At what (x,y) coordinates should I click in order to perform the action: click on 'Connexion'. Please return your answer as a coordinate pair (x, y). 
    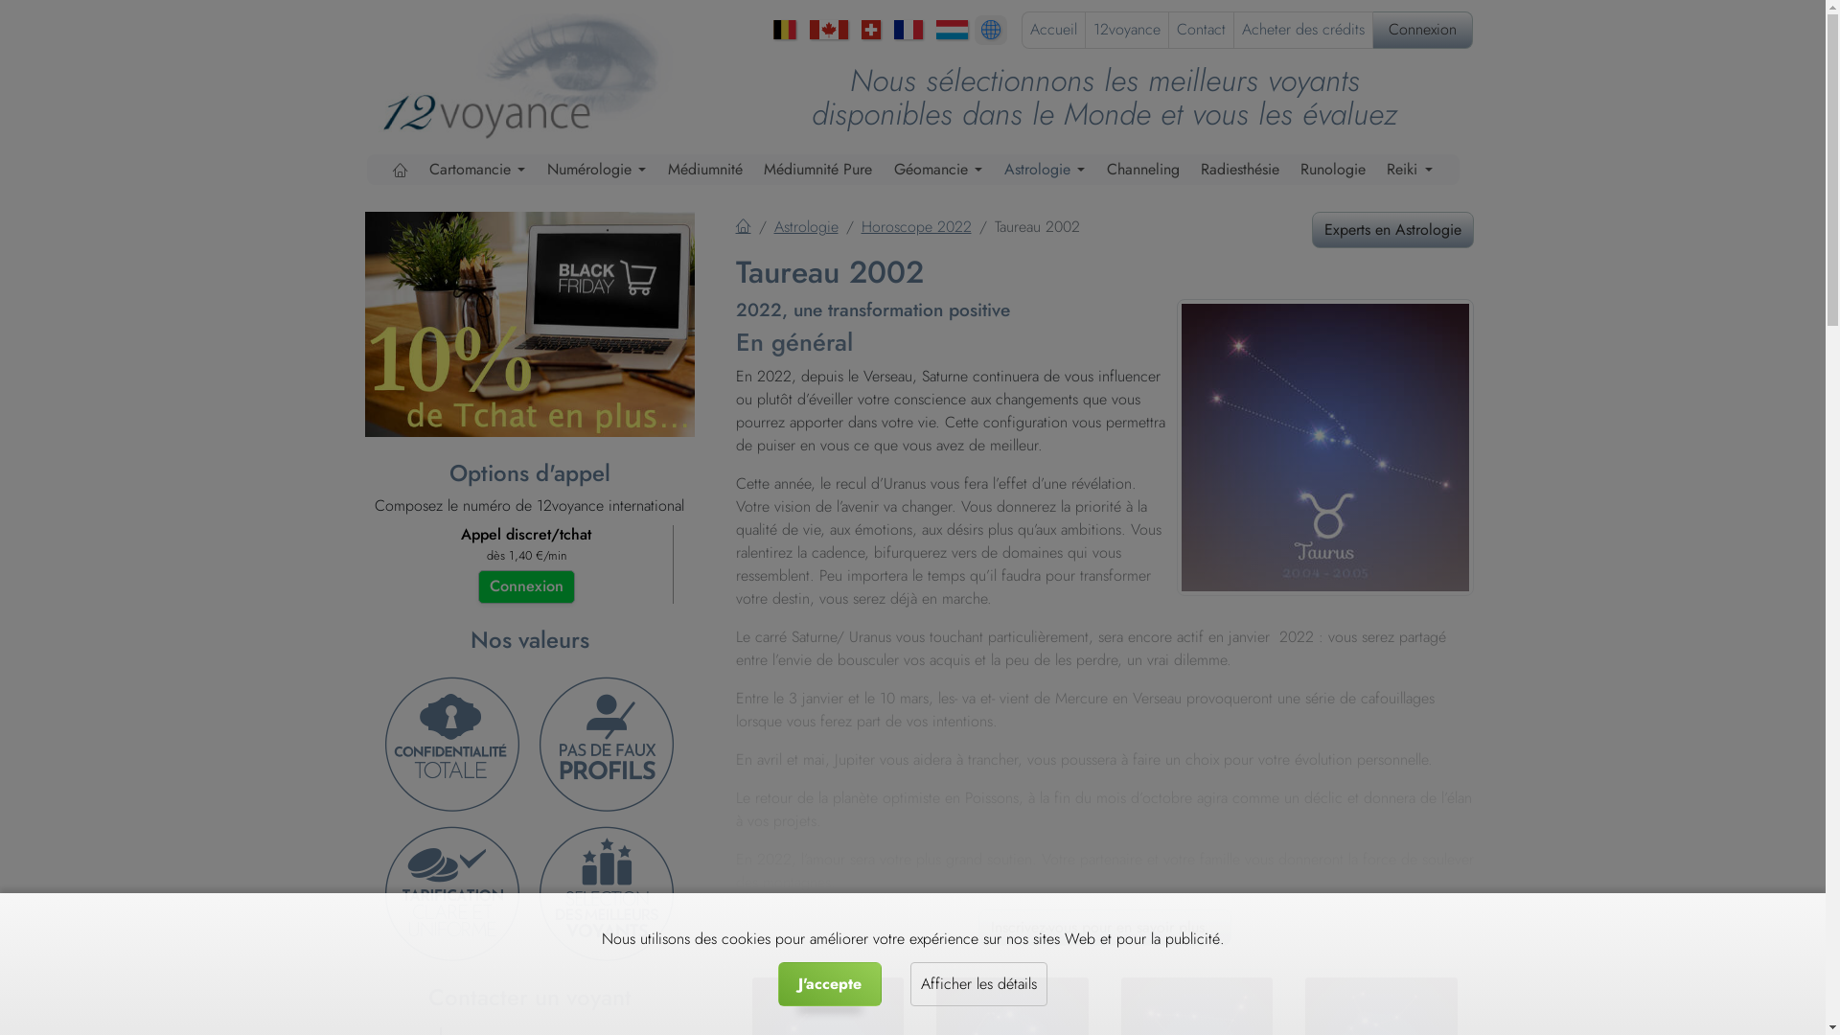
    Looking at the image, I should click on (477, 586).